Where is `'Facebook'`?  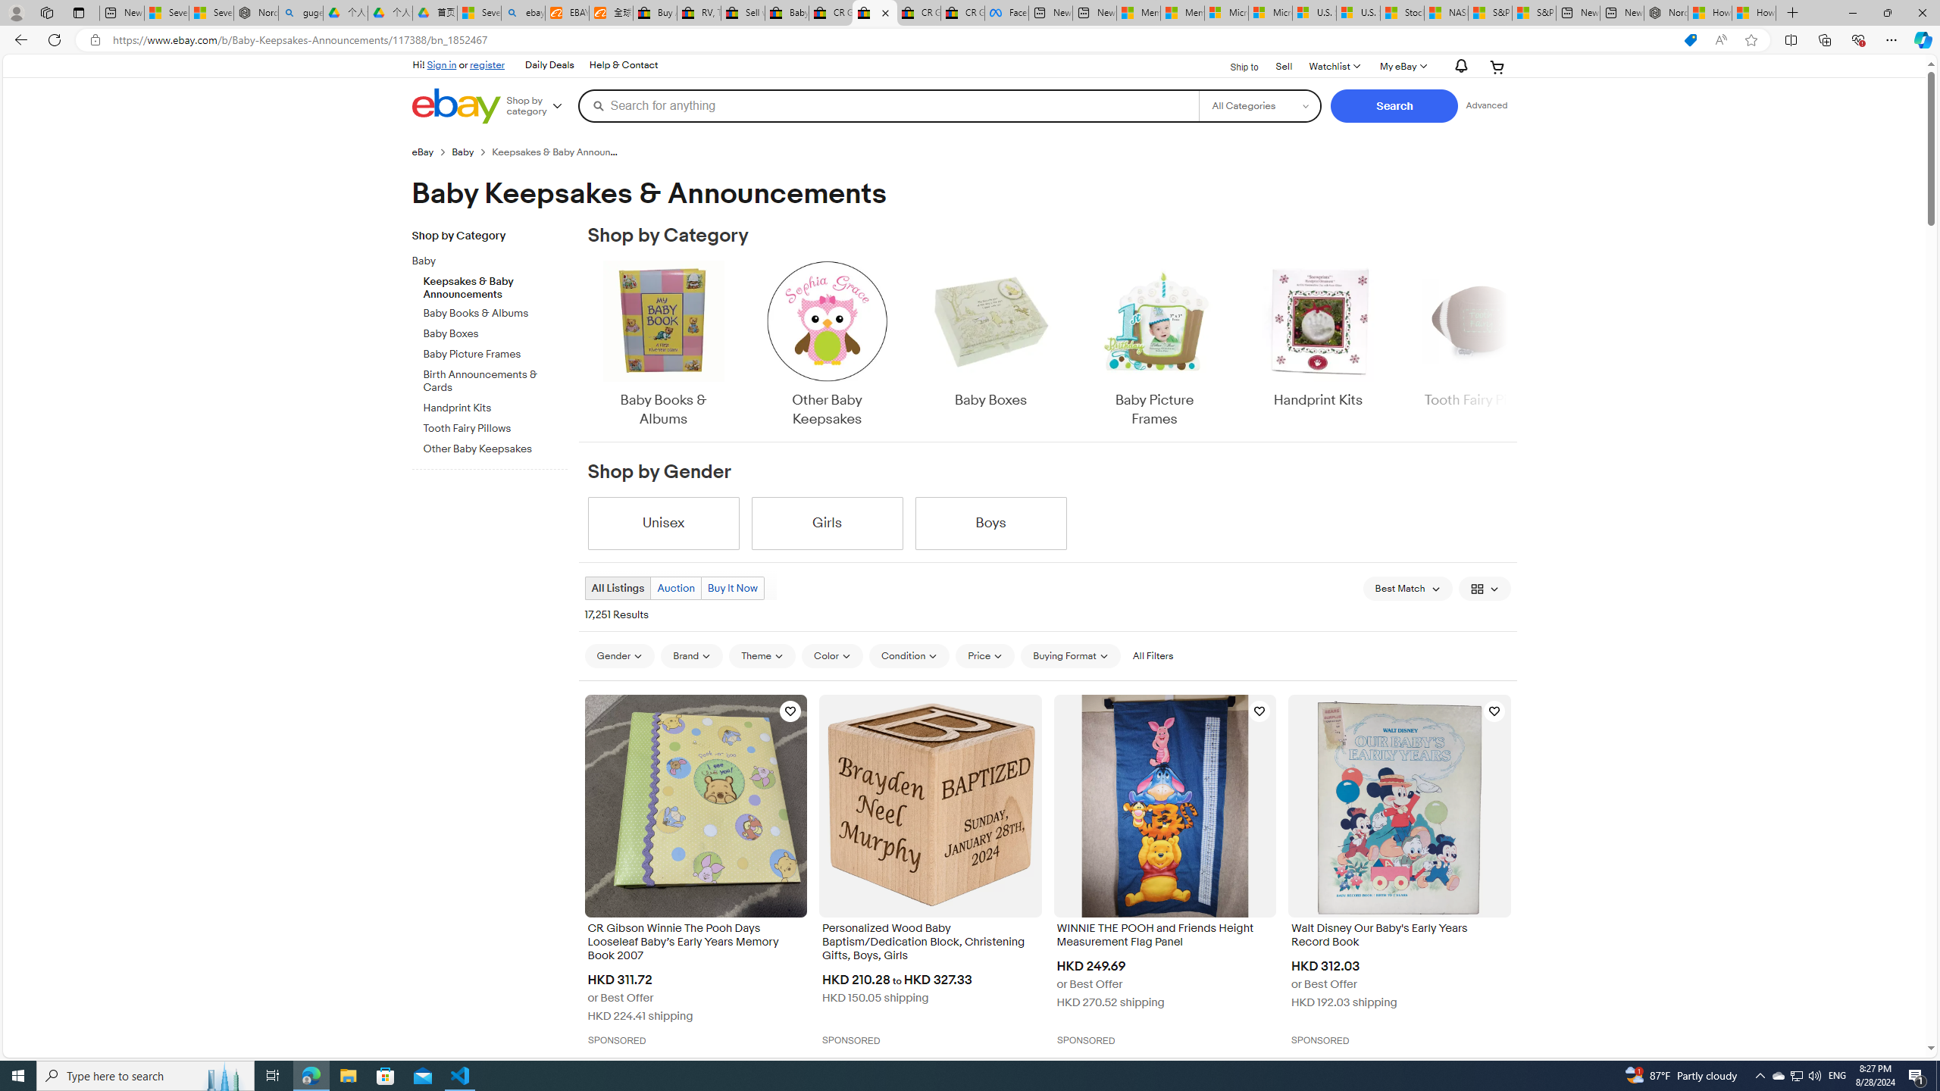
'Facebook' is located at coordinates (1006, 12).